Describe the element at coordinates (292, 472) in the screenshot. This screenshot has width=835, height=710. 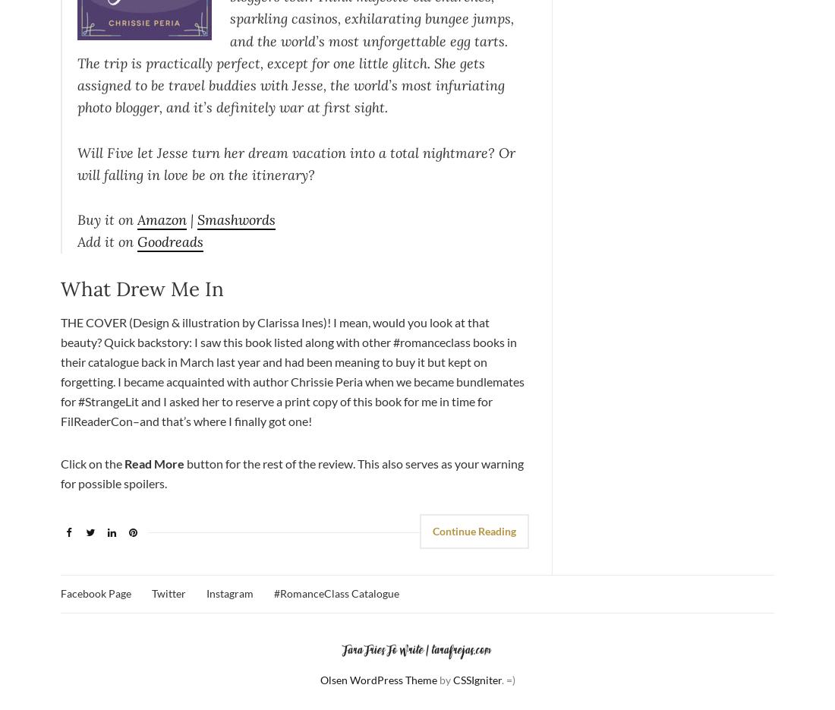
I see `'button for the rest of the review. This also serves as your warning for possible spoilers.'` at that location.